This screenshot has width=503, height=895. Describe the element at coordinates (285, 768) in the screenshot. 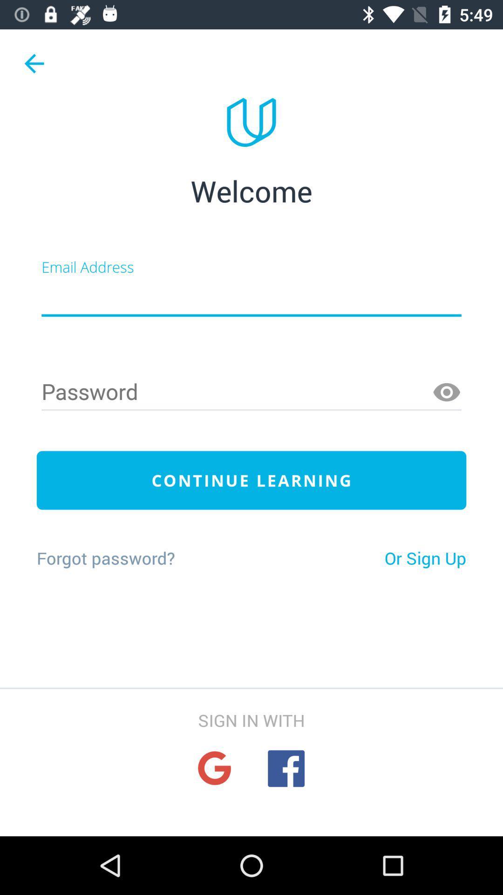

I see `log in with facebook` at that location.